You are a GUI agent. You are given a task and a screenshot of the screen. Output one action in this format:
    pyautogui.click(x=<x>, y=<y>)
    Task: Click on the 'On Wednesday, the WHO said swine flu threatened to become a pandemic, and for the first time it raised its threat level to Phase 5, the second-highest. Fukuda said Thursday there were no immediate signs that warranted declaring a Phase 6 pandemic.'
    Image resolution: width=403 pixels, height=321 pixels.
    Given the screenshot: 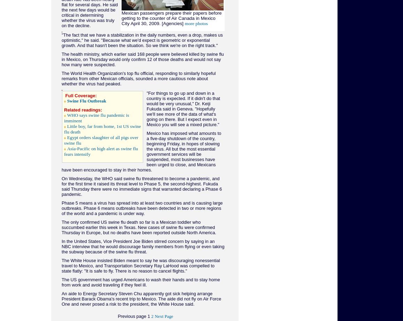 What is the action you would take?
    pyautogui.click(x=141, y=186)
    